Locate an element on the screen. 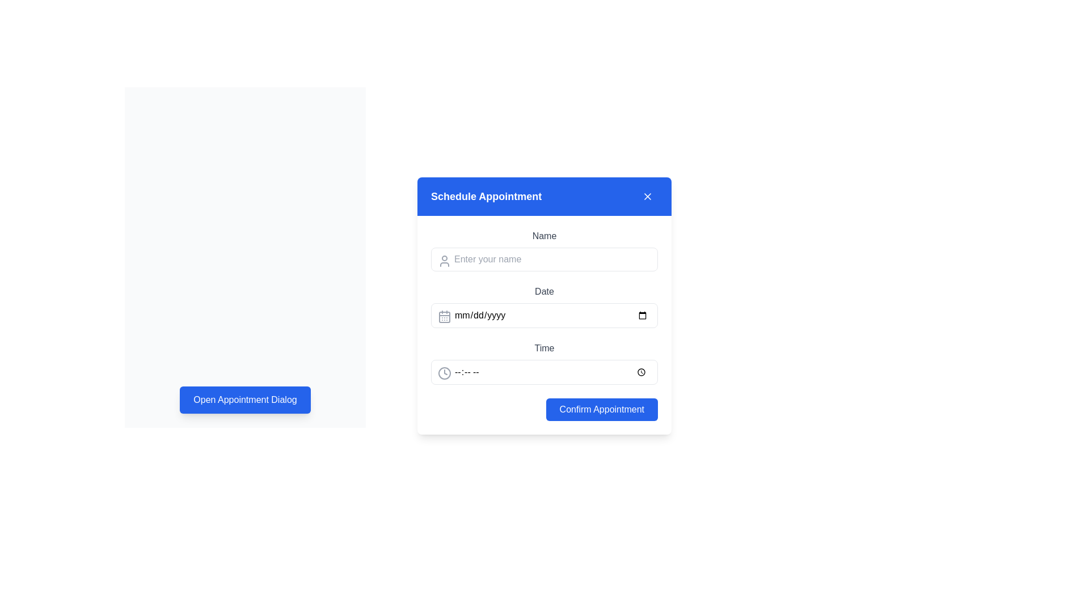 The width and height of the screenshot is (1089, 612). the circular clock icon component located to the left of the time input field in the 'Time' row of the scheduling form is located at coordinates (444, 373).